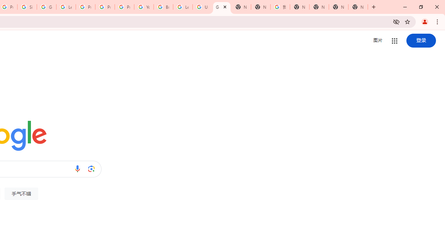  What do you see at coordinates (85, 7) in the screenshot?
I see `'Privacy Help Center - Policies Help'` at bounding box center [85, 7].